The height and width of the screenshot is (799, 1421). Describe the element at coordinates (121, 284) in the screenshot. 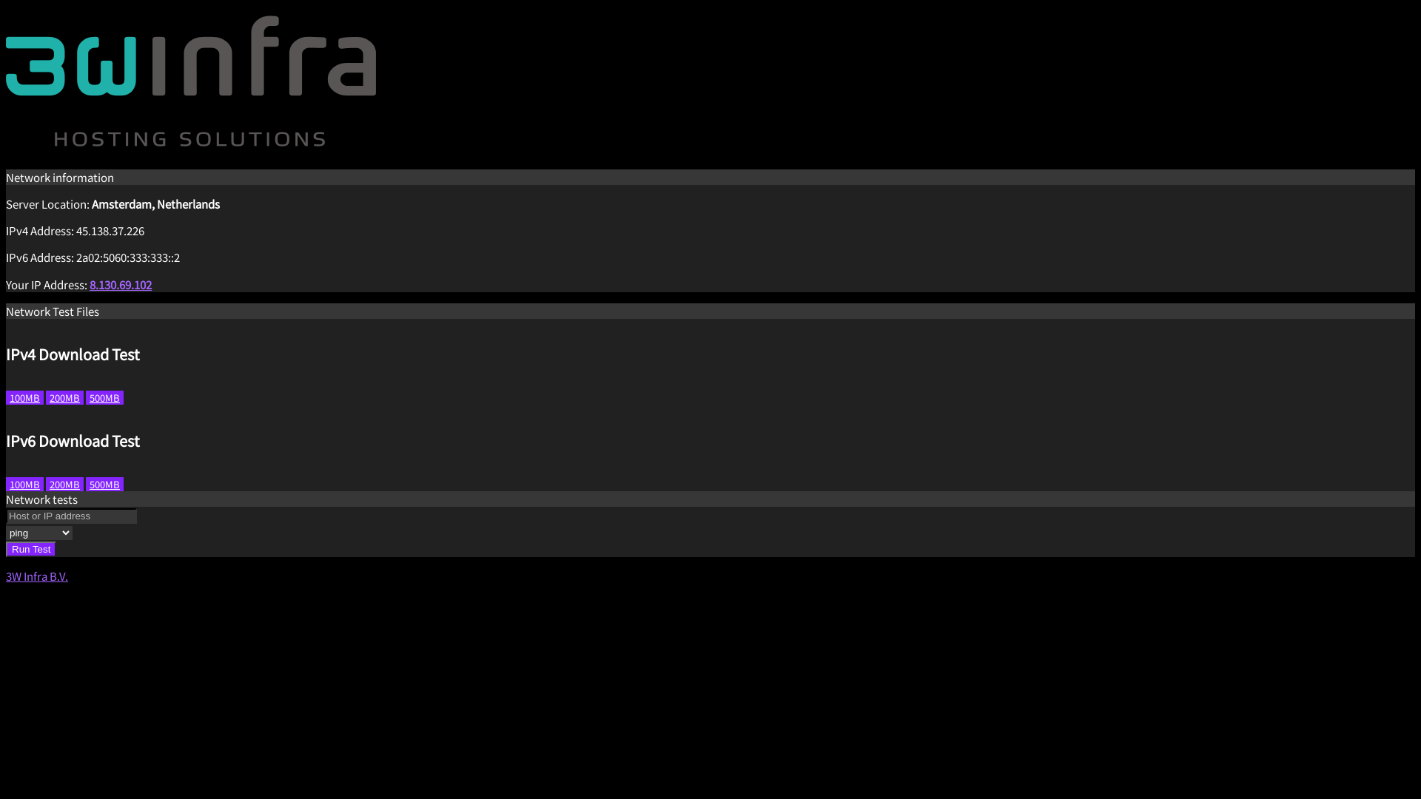

I see `'8.130.69.102'` at that location.